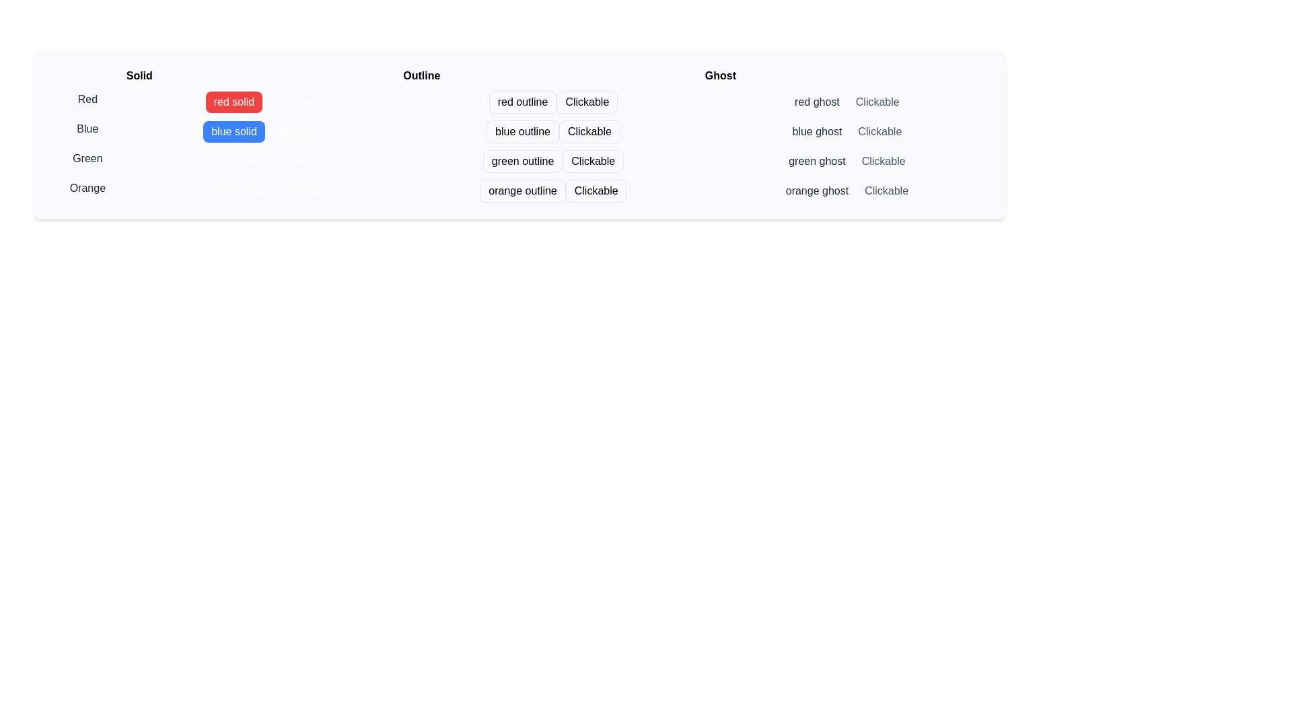 This screenshot has width=1292, height=727. I want to click on the label displaying the text 'blue ghost' which is located in the third column under the 'Ghost' section, appearing second in a vertical stack, so click(816, 132).